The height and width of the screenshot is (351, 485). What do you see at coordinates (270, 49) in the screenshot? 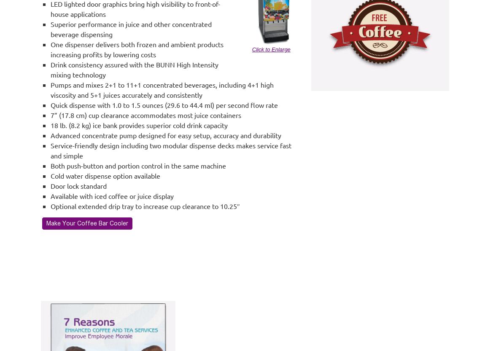
I see `'Click to Enlarge'` at bounding box center [270, 49].